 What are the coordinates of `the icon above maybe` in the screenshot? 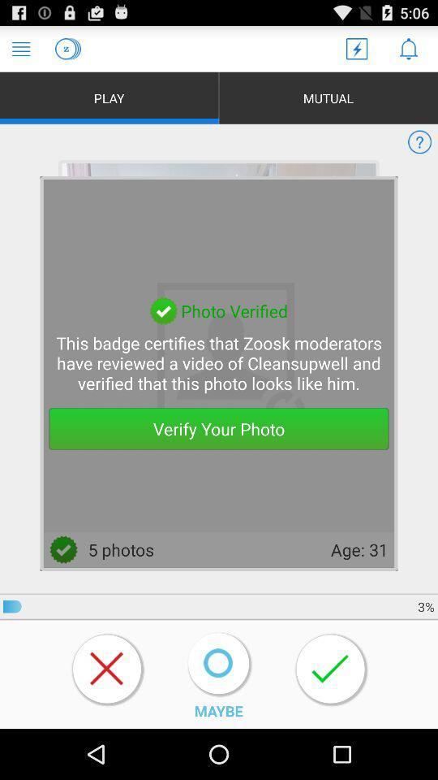 It's located at (218, 663).